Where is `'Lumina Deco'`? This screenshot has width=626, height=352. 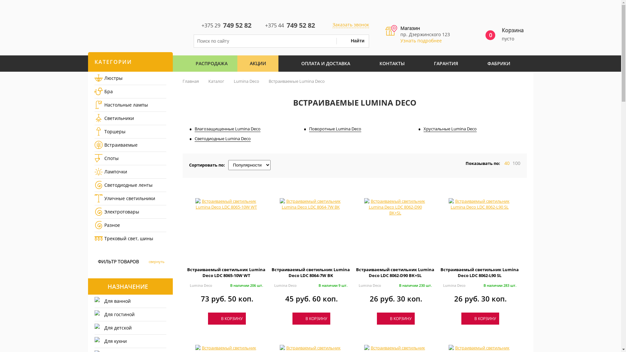
'Lumina Deco' is located at coordinates (358, 285).